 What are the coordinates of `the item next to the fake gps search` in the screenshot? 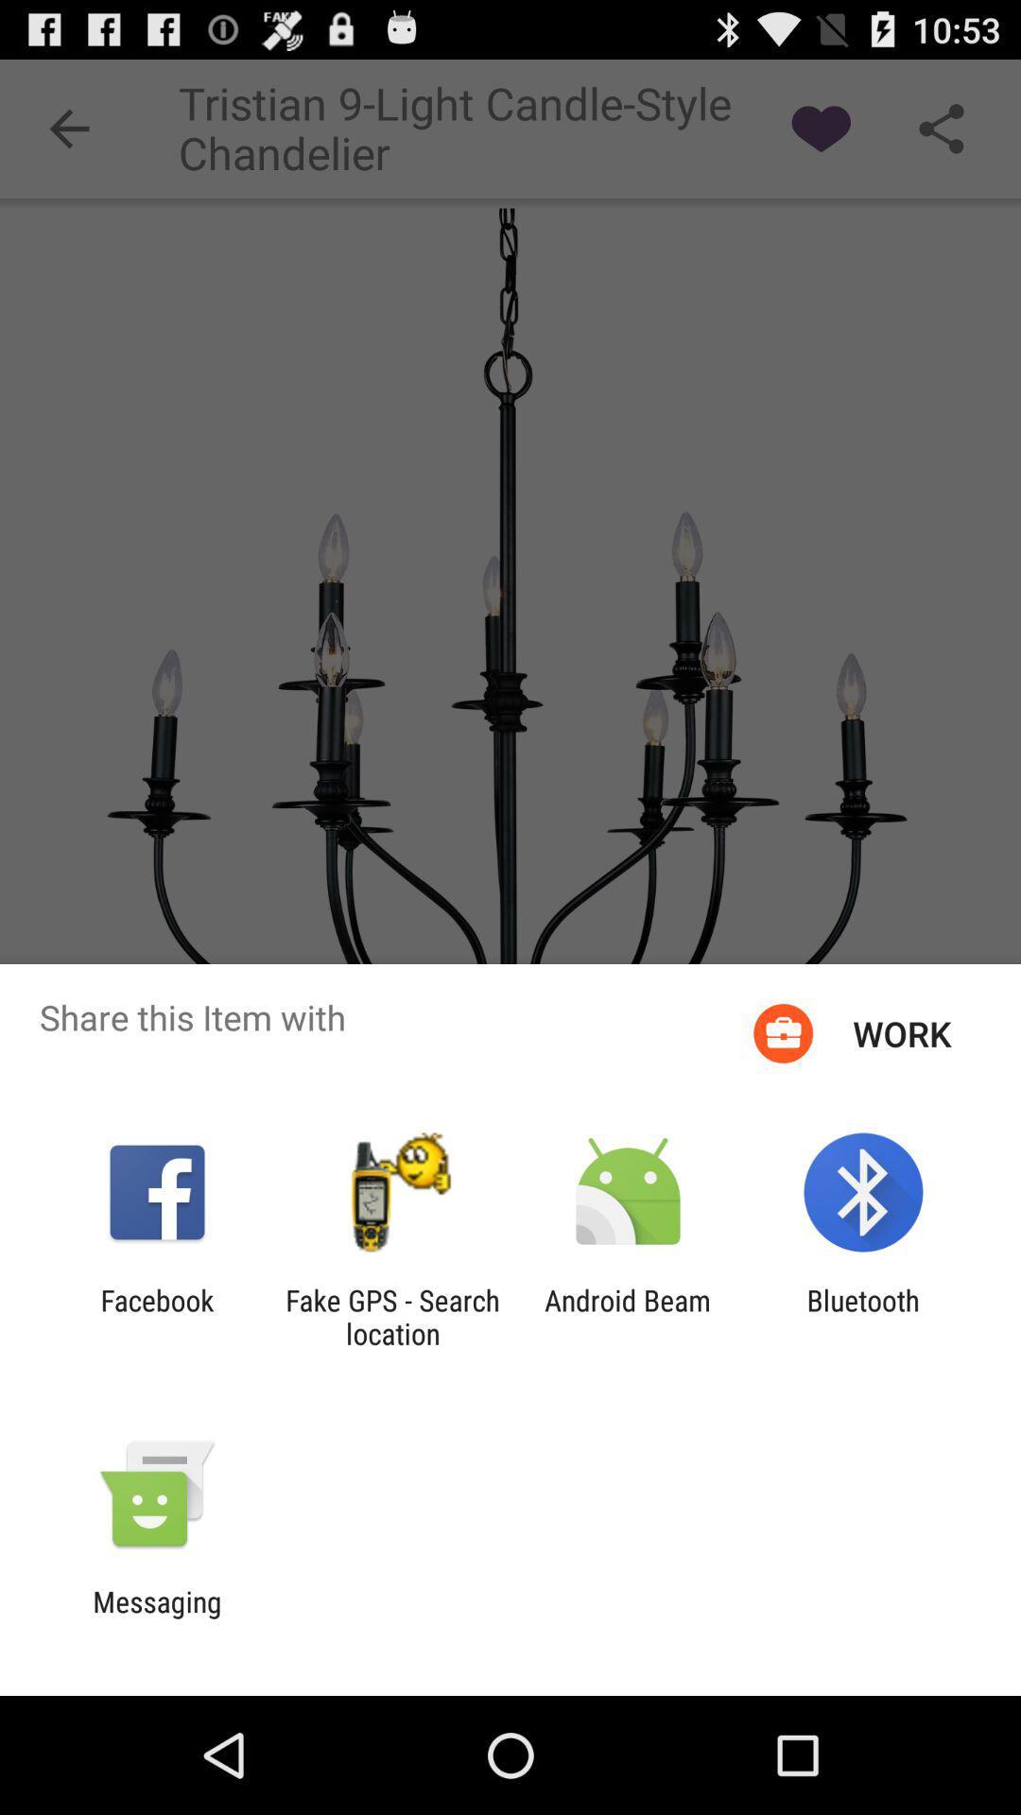 It's located at (156, 1316).